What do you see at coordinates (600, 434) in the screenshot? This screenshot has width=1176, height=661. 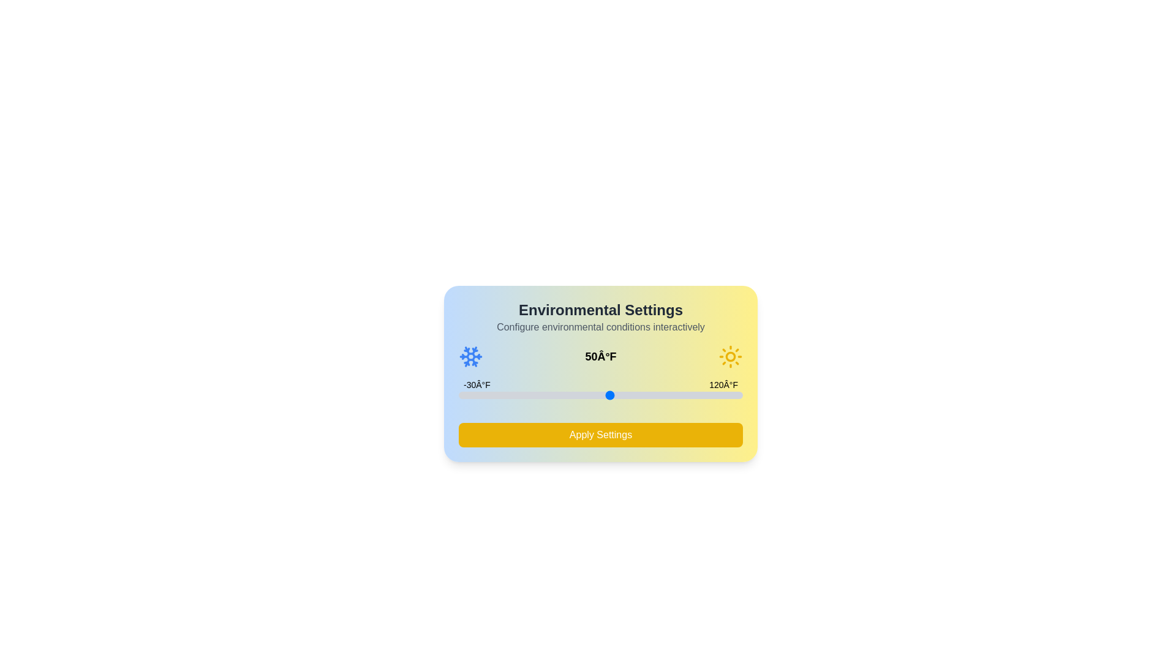 I see `the 'Apply Settings' button to submit the environmental settings` at bounding box center [600, 434].